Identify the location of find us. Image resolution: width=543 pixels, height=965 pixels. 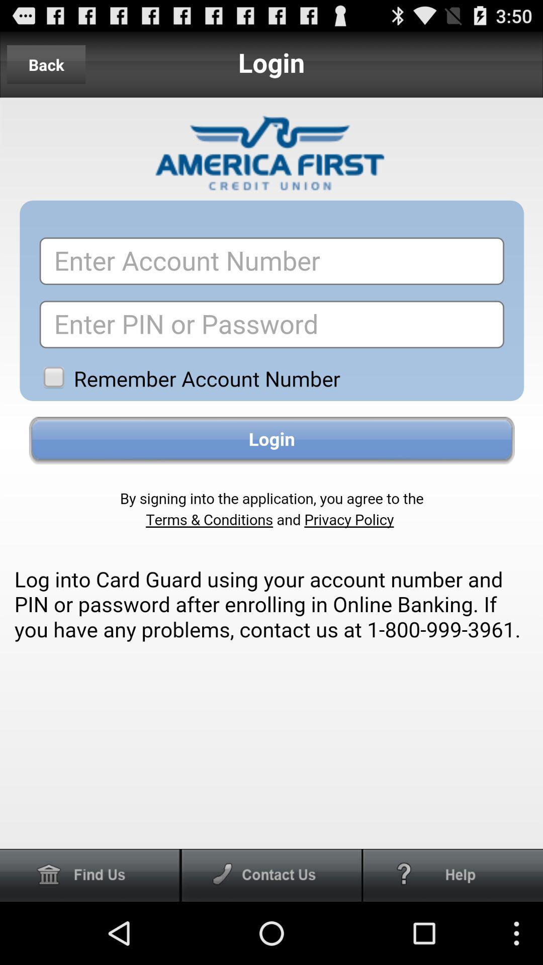
(89, 875).